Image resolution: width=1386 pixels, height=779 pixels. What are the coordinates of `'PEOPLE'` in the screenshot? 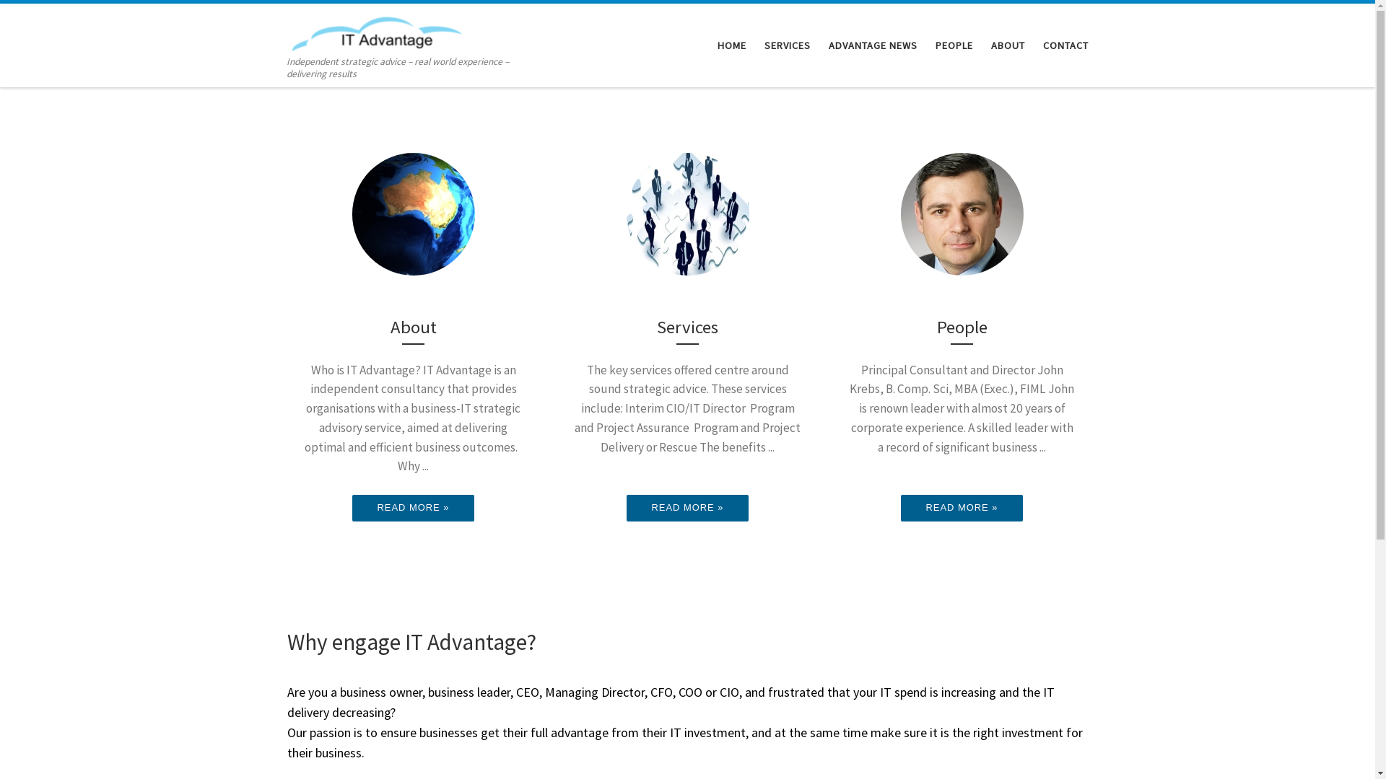 It's located at (954, 44).